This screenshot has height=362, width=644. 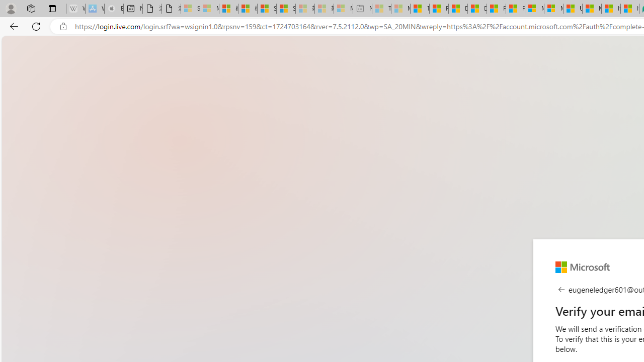 What do you see at coordinates (439, 9) in the screenshot?
I see `'Food and Drink - MSN'` at bounding box center [439, 9].